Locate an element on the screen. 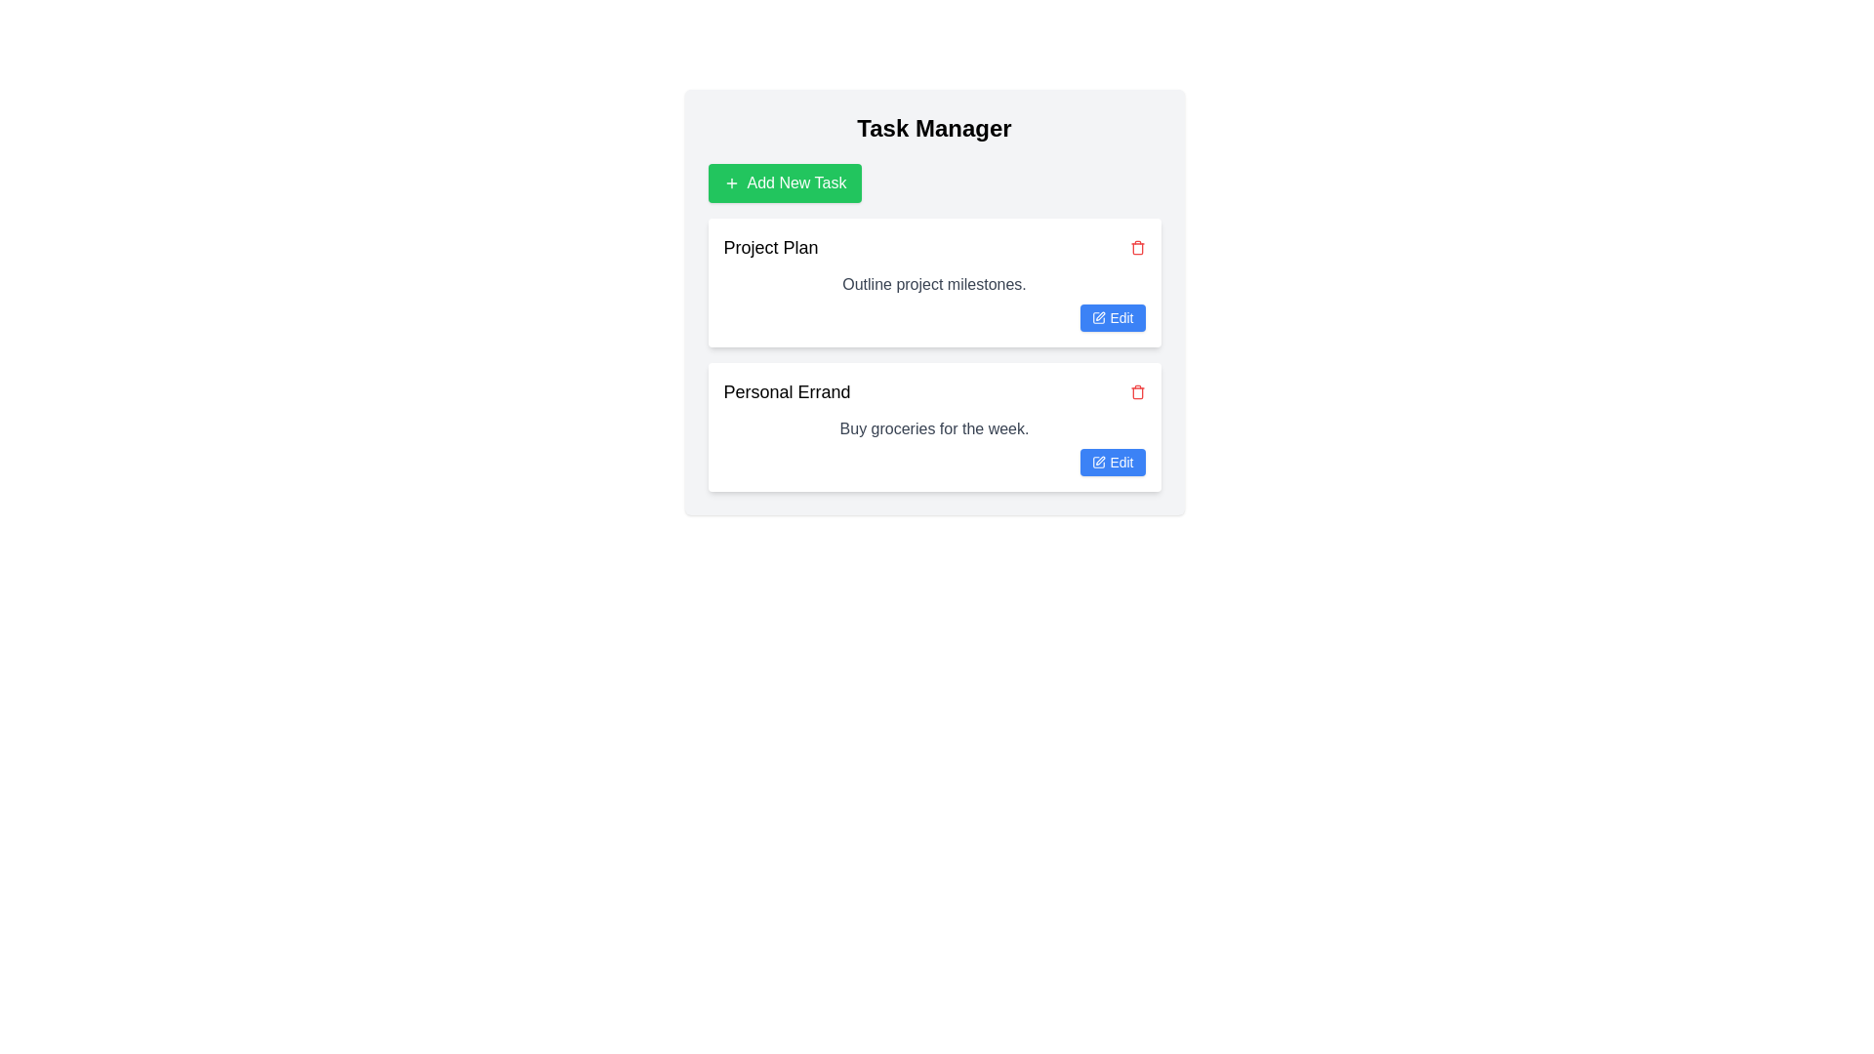 Image resolution: width=1874 pixels, height=1054 pixels. the edit button located in the bottom-right corner of the 'Personal Errand' task card to initiate editing the task is located at coordinates (1113, 463).